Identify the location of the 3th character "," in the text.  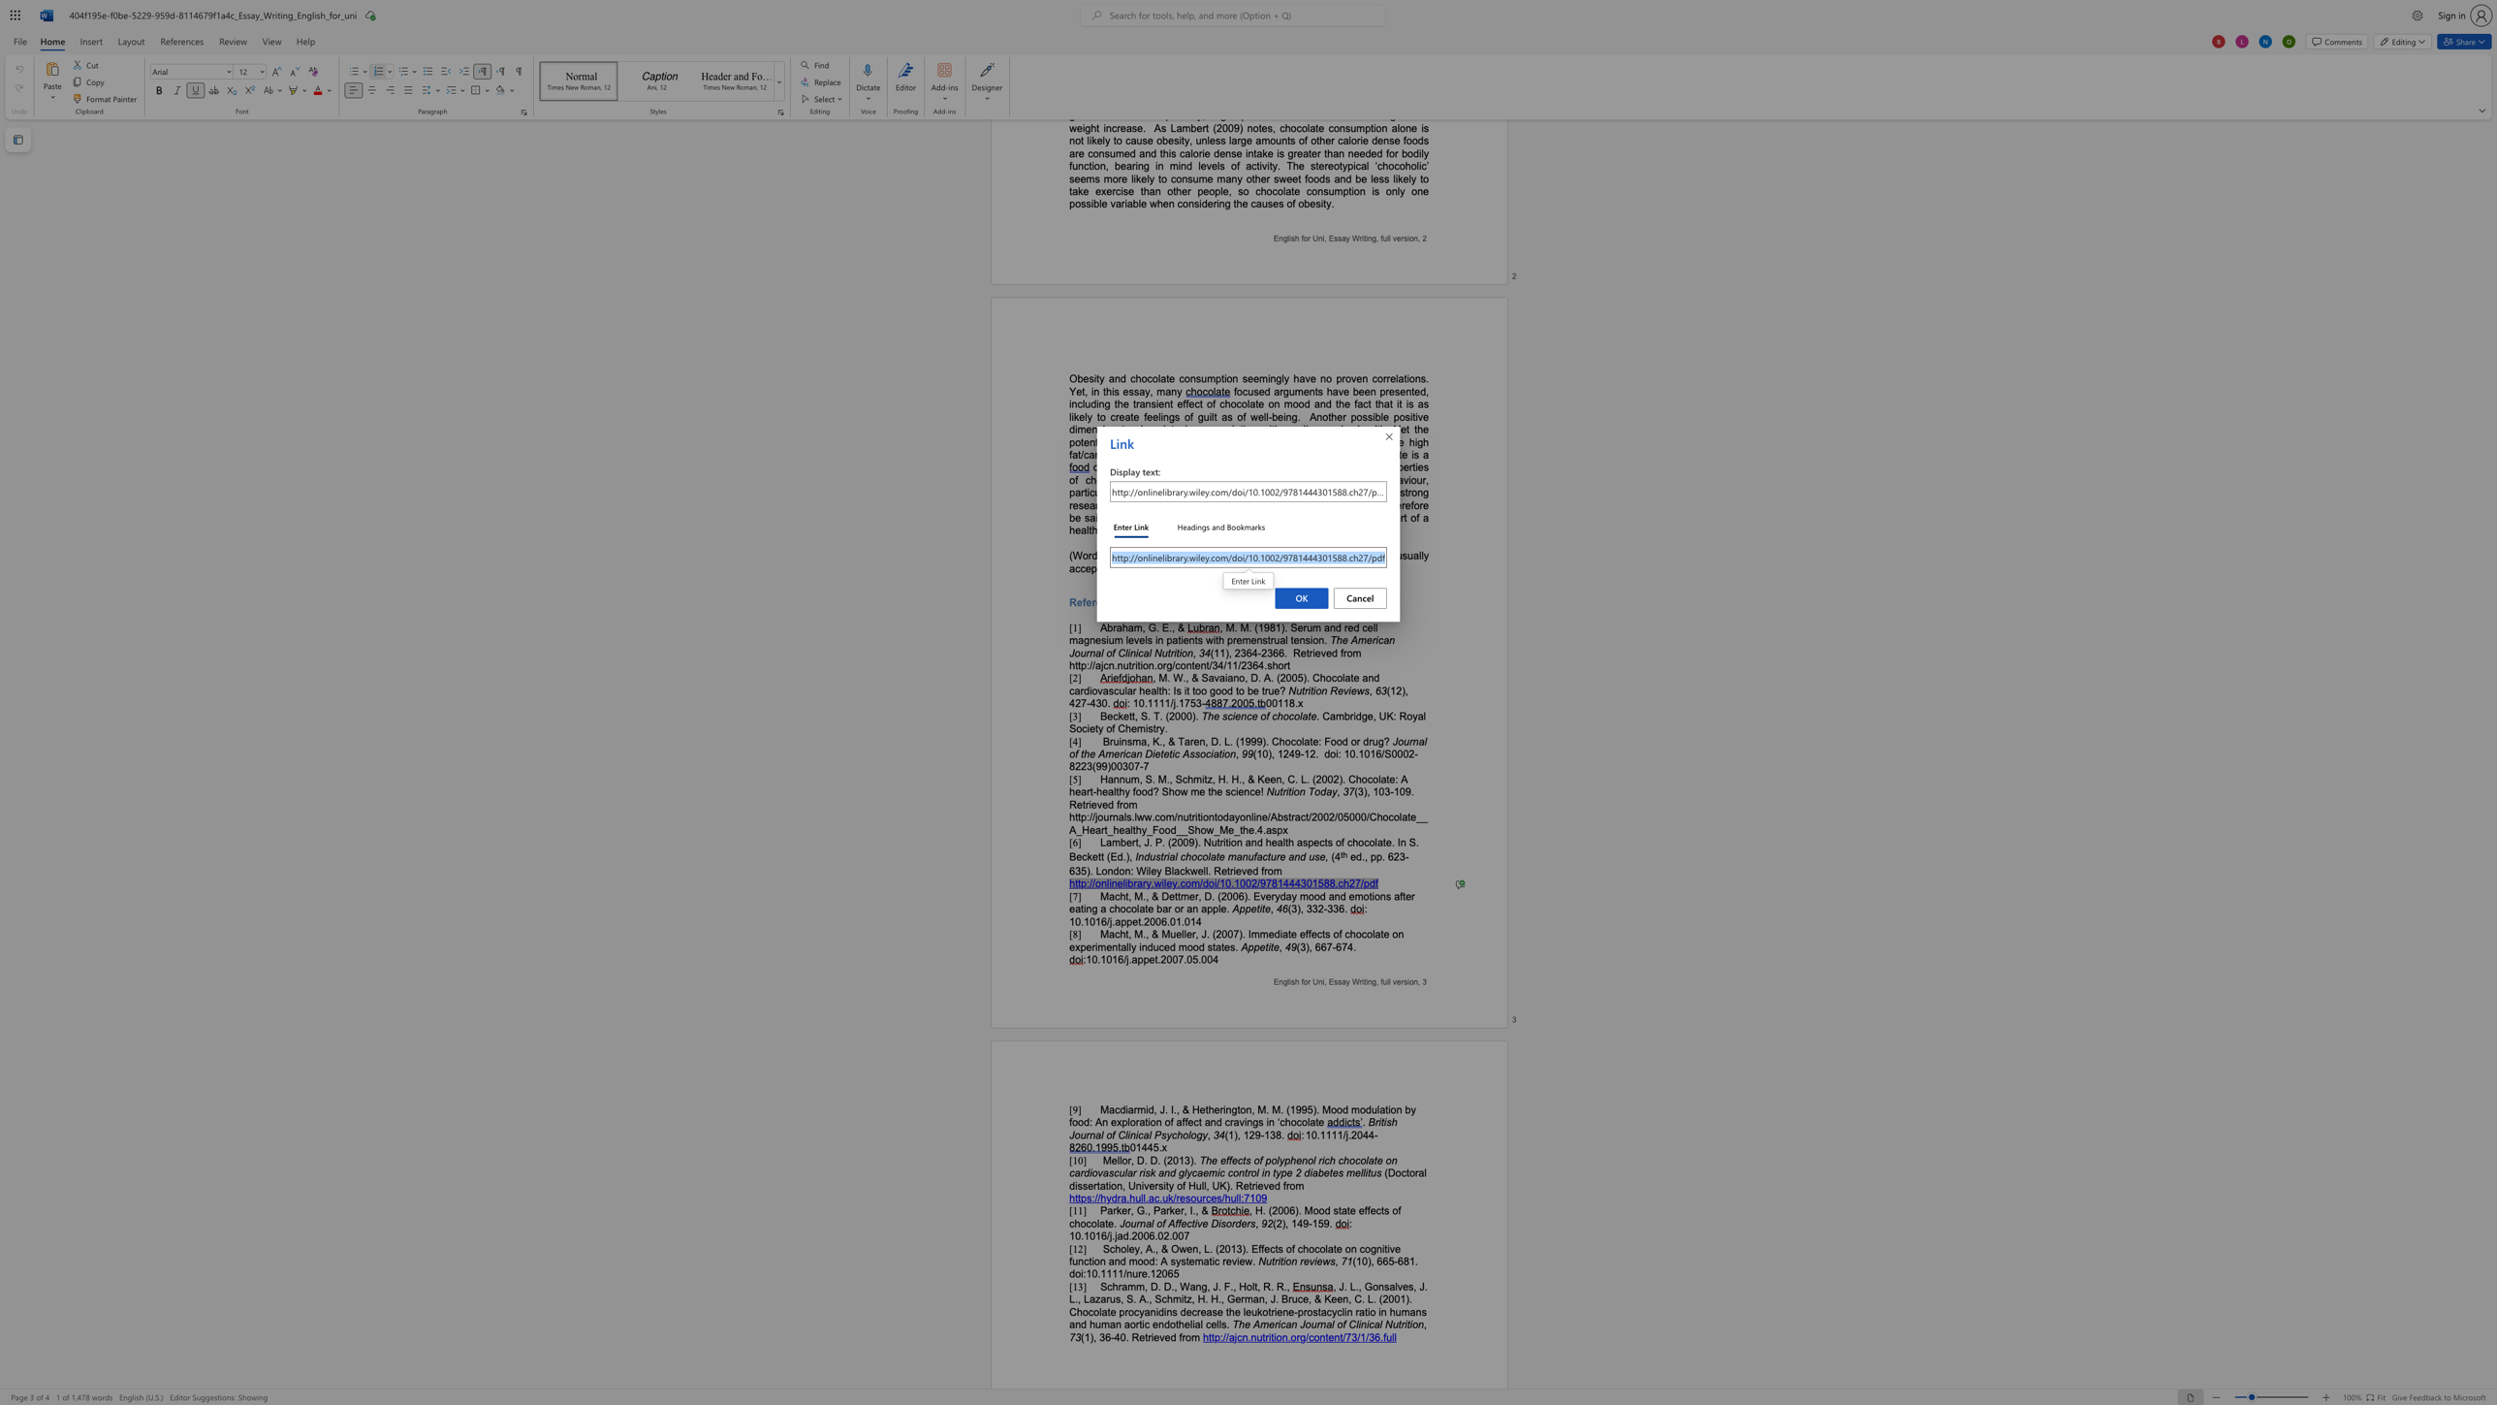
(1252, 1109).